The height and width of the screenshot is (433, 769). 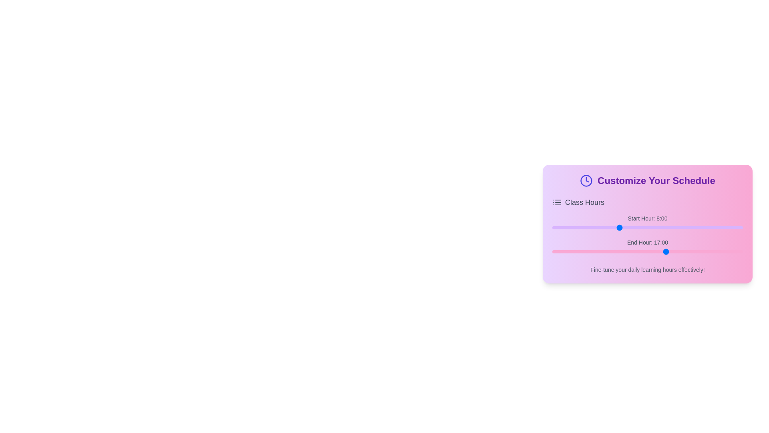 I want to click on the end hour slider to 21, so click(x=717, y=251).